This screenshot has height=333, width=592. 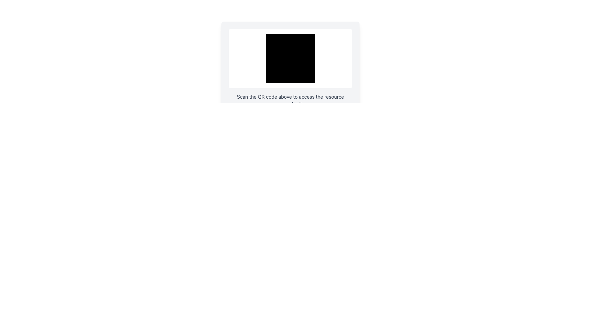 What do you see at coordinates (290, 58) in the screenshot?
I see `the Decorative Box, which is a structural component centered within a white box with rounded corners near the top center of the layout` at bounding box center [290, 58].